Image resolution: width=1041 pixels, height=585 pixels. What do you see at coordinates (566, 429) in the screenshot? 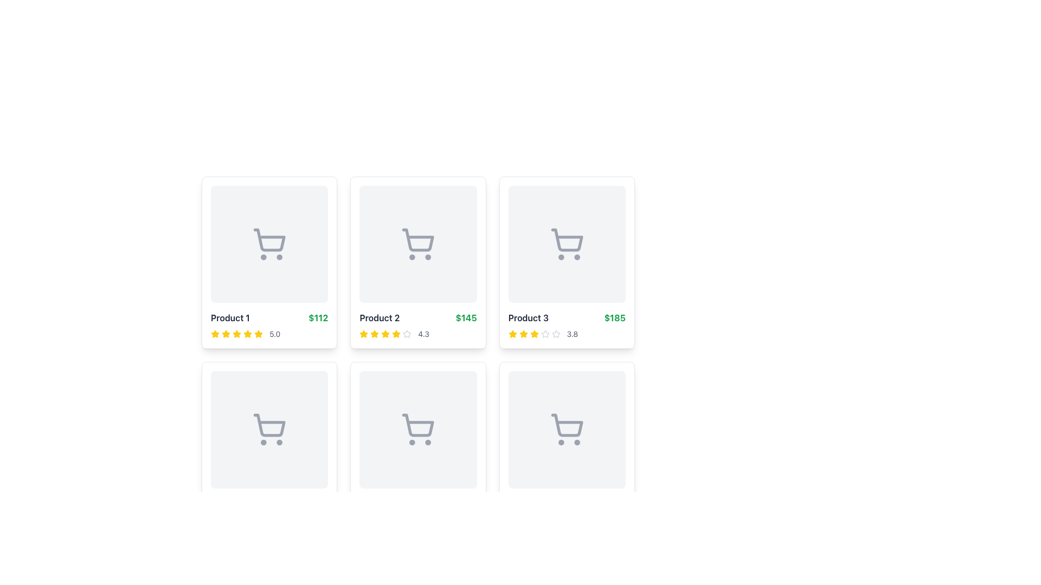
I see `the shopping cart icon located in the bottom-right grid cell of a 2x3 grid layout` at bounding box center [566, 429].